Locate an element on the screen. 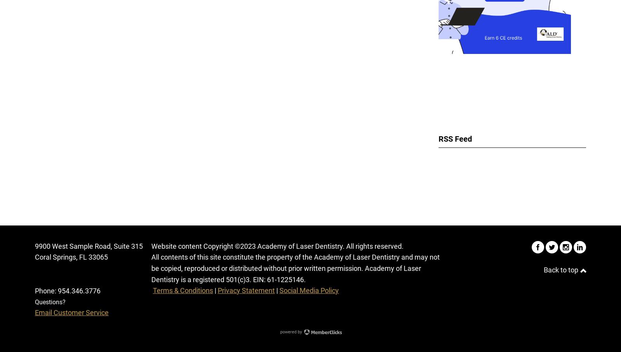 The width and height of the screenshot is (621, 352). 'Social Media Policy' is located at coordinates (309, 290).